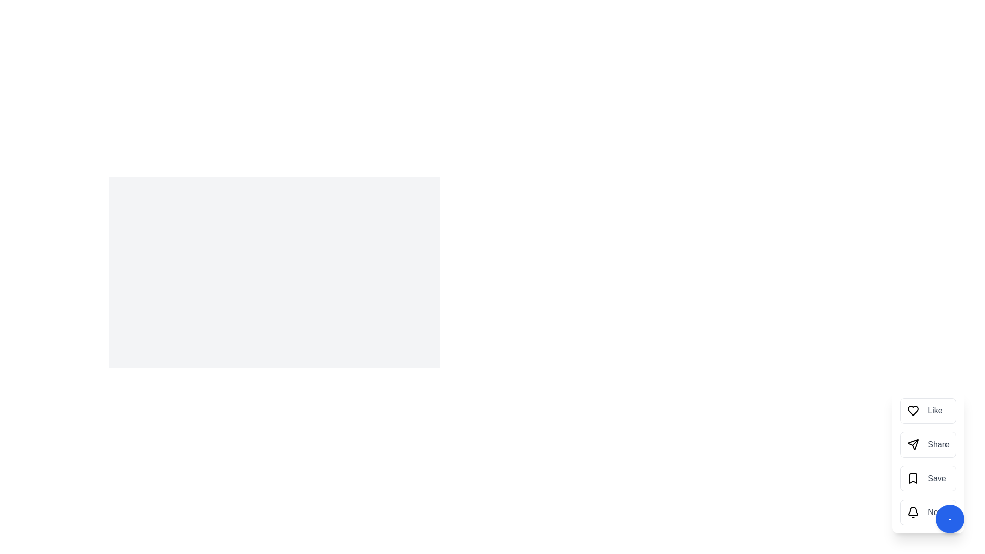 The width and height of the screenshot is (985, 554). What do you see at coordinates (928, 461) in the screenshot?
I see `the 'Save' button in the floating toolbar located at the bottom-right corner of the interface` at bounding box center [928, 461].